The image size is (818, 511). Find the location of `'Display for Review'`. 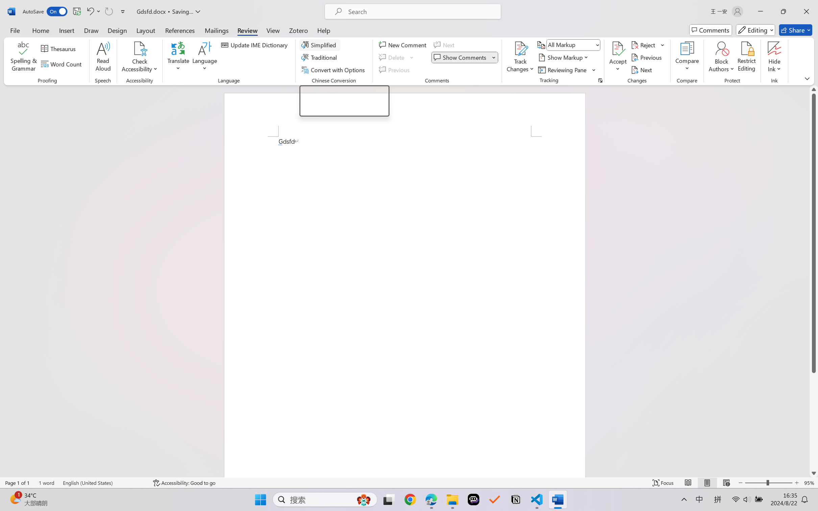

'Display for Review' is located at coordinates (573, 44).